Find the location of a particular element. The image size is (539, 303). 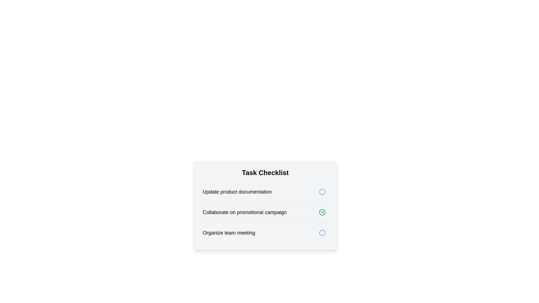

the circular blue button with an outlined circle icon is located at coordinates (322, 191).